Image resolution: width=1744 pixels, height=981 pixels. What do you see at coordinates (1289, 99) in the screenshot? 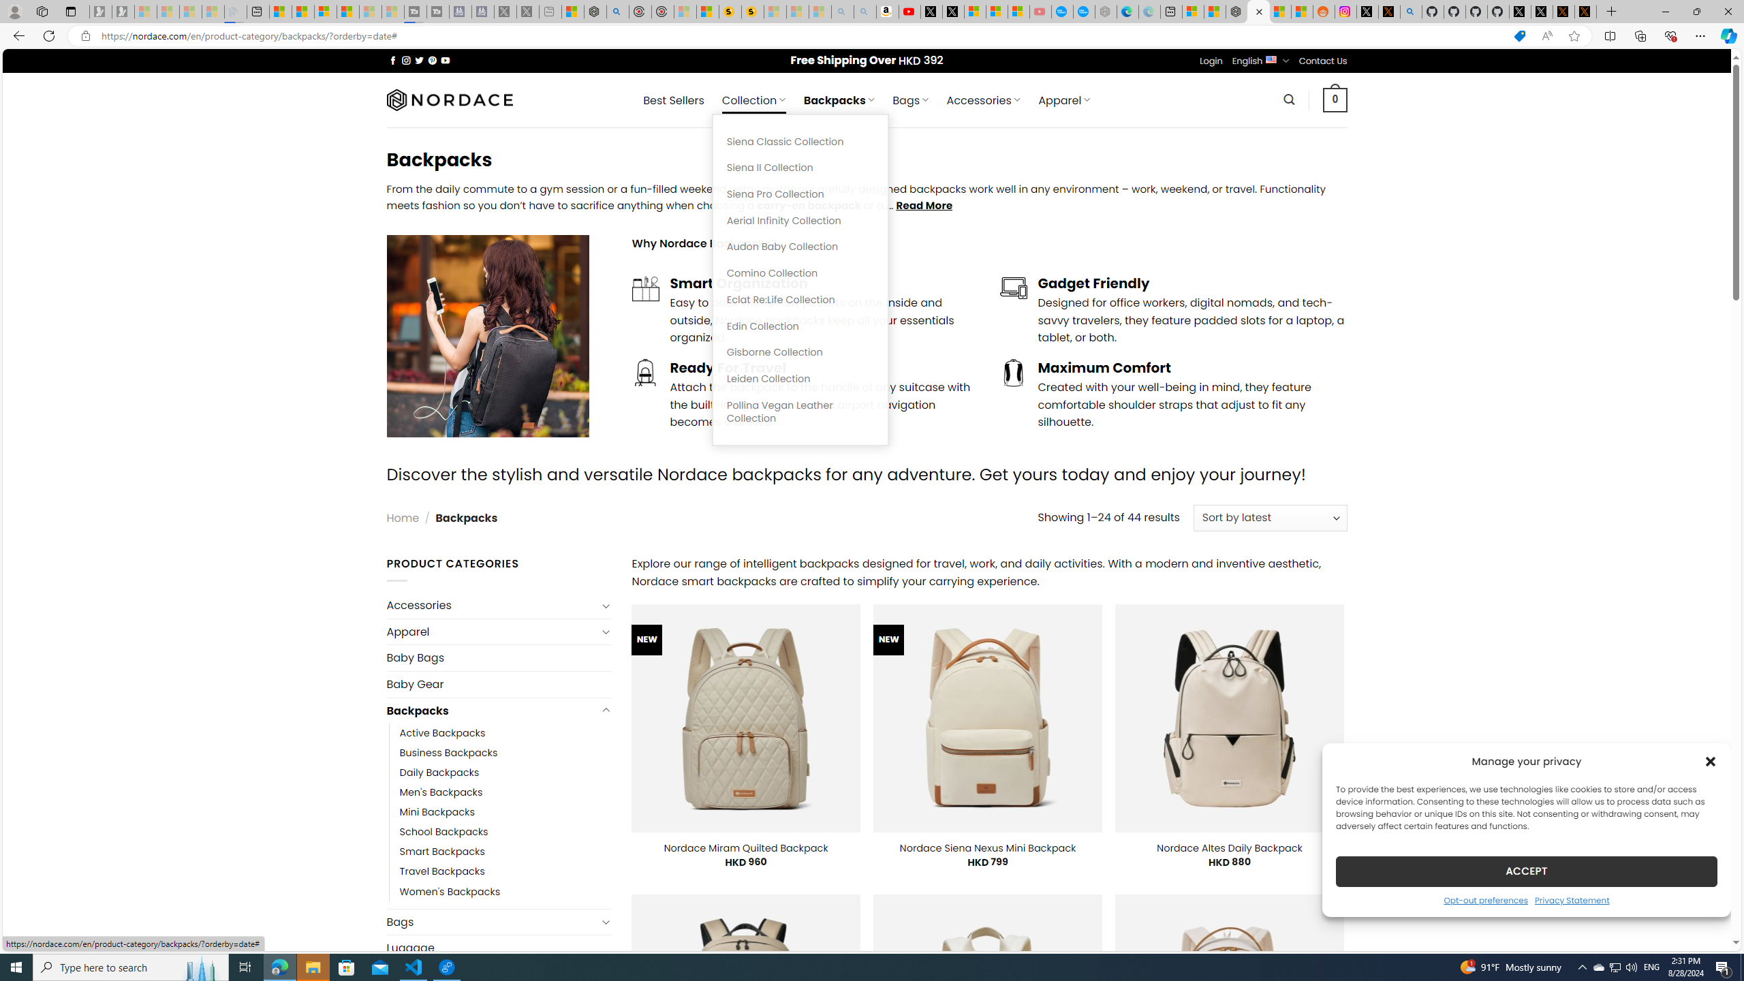
I see `'Search'` at bounding box center [1289, 99].